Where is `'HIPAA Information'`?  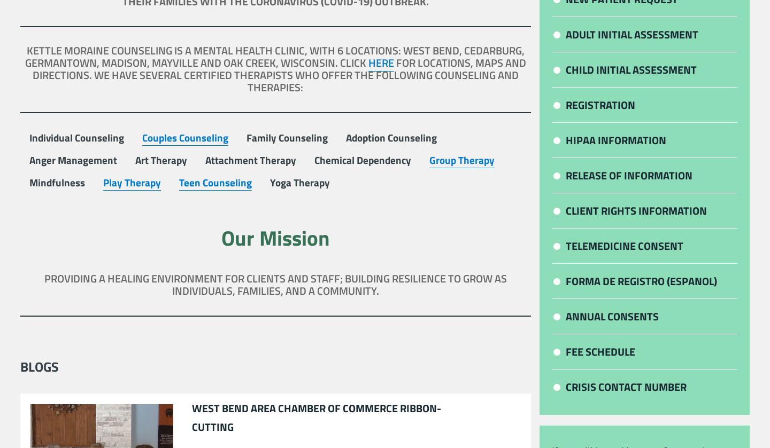
'HIPAA Information' is located at coordinates (616, 140).